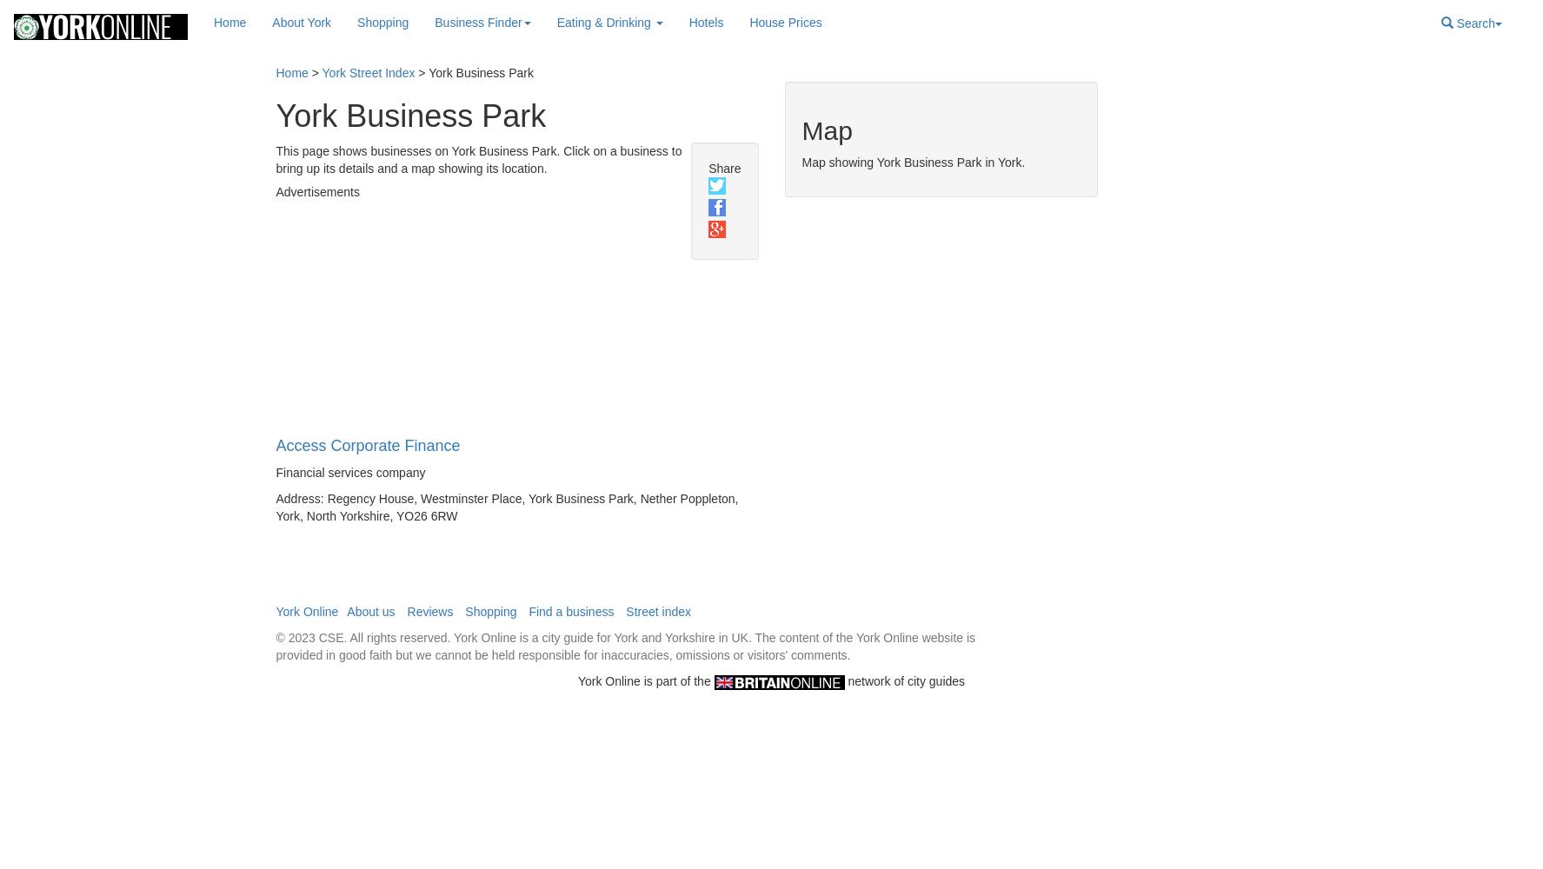 The image size is (1543, 869). I want to click on 'Search', so click(1473, 23).